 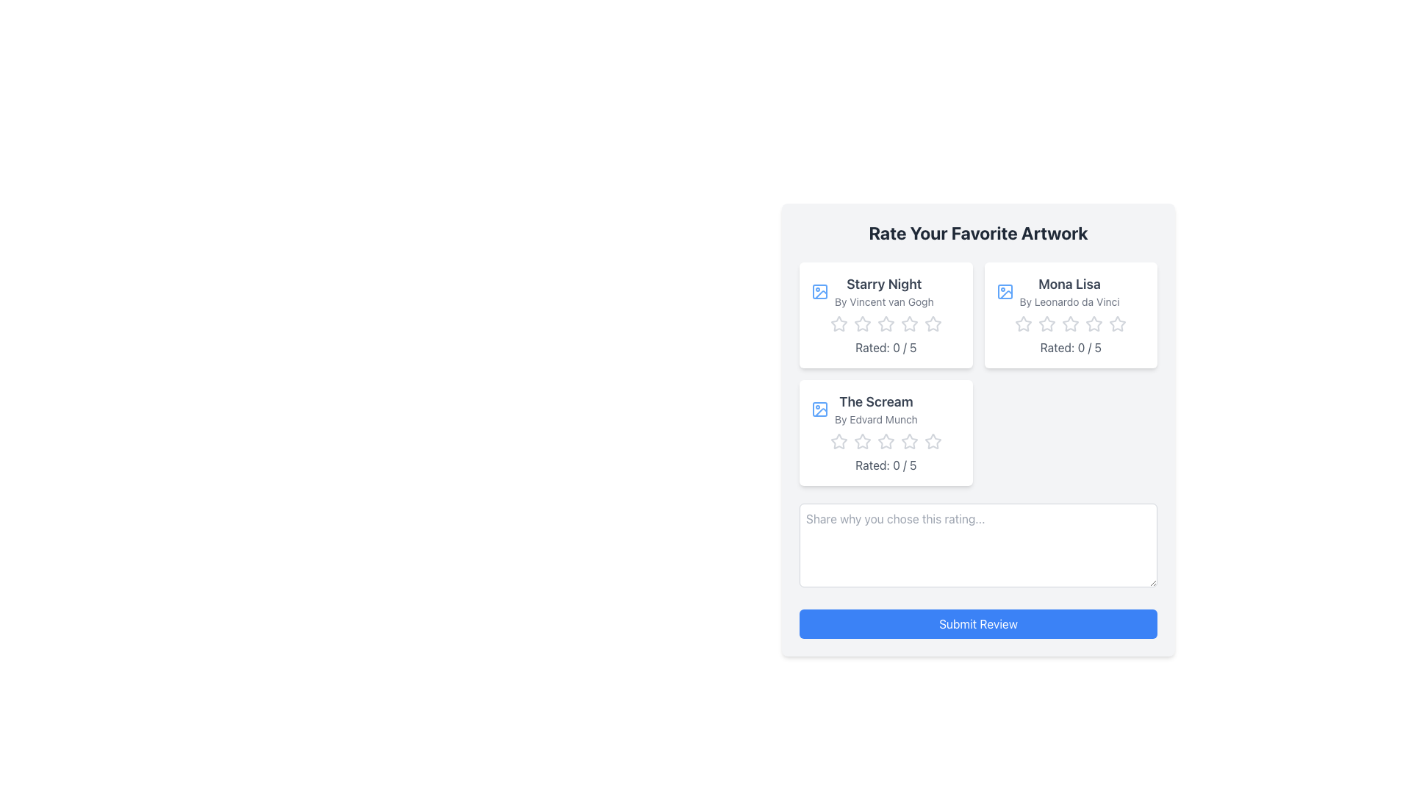 I want to click on the fifth star-shaped icon in the rating system of the 'Mona Lisa' section, so click(x=1117, y=323).